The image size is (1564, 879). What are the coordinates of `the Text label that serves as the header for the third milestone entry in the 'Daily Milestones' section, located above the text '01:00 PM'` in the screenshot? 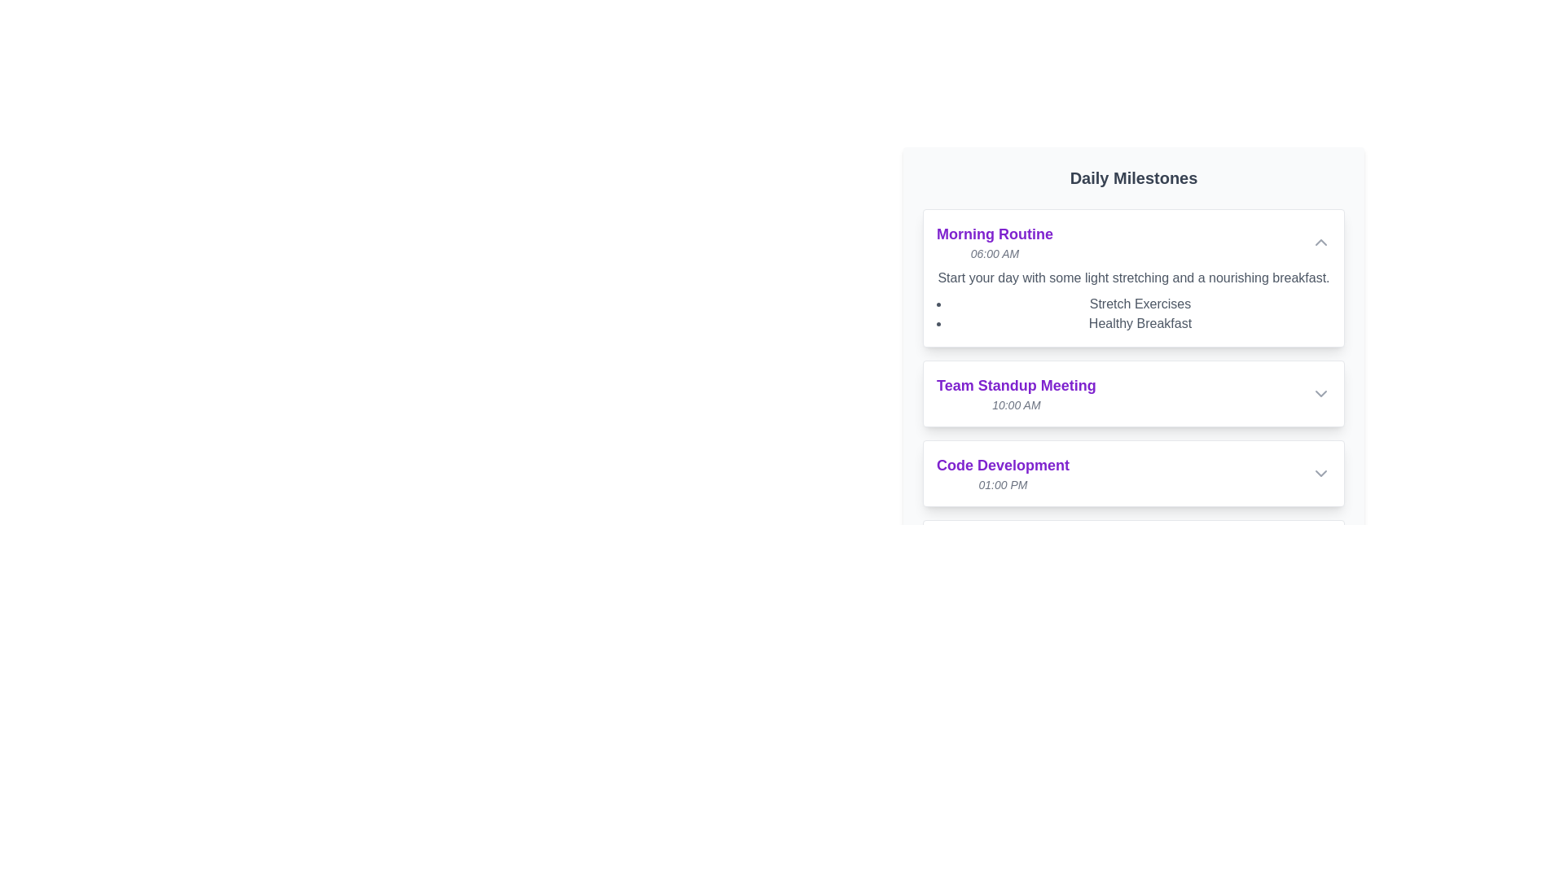 It's located at (1002, 465).